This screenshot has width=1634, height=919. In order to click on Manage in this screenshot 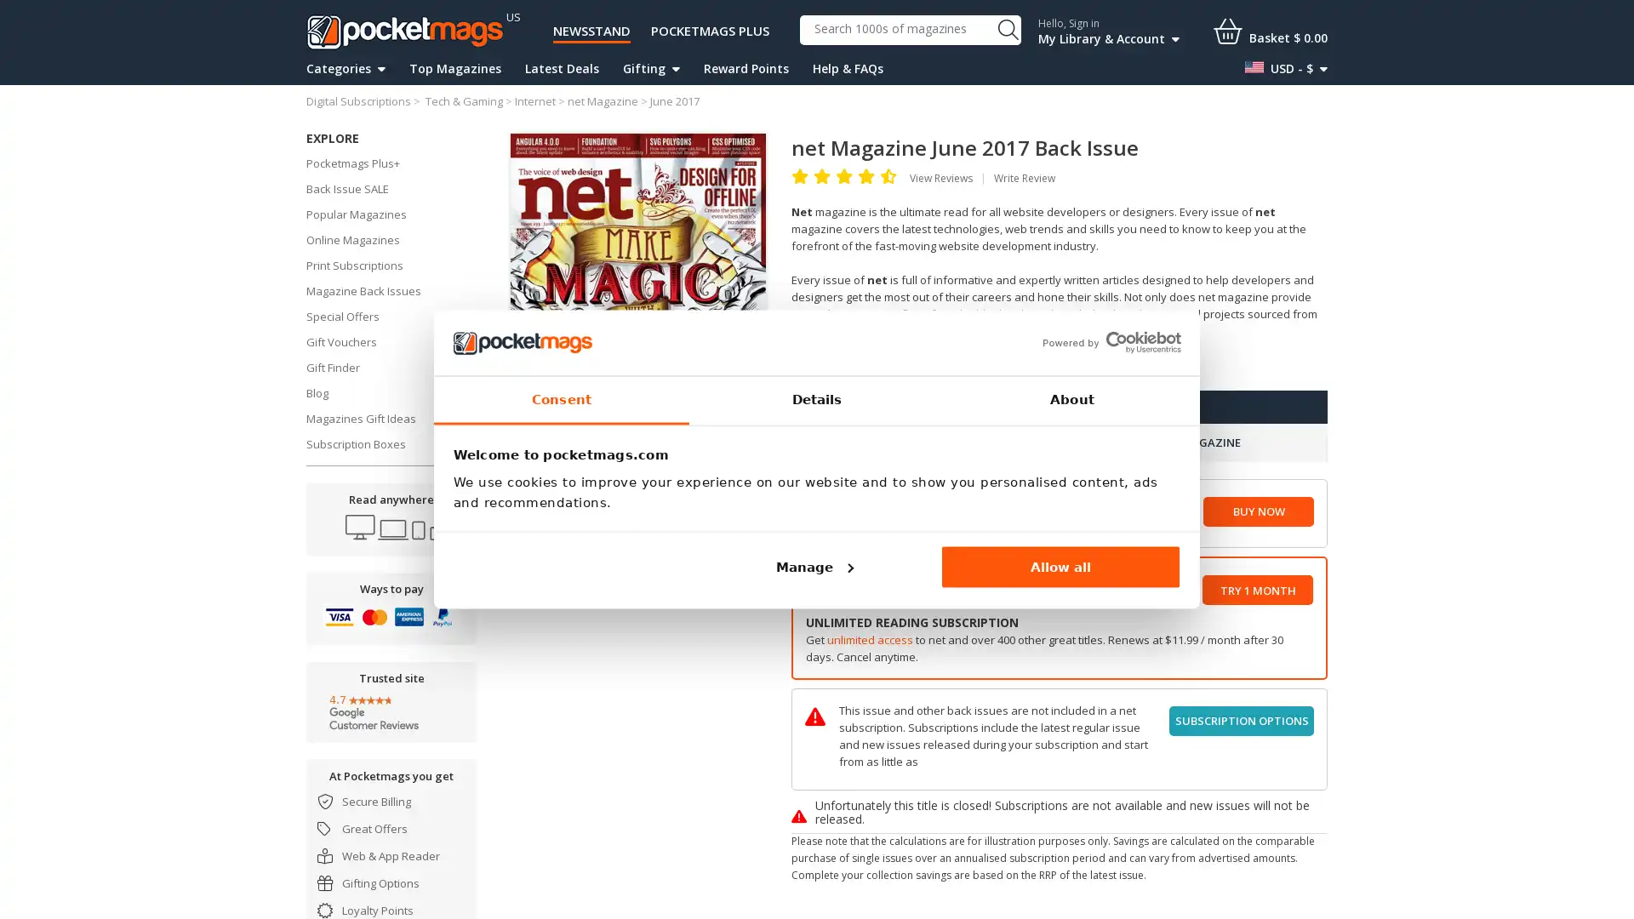, I will do `click(812, 567)`.